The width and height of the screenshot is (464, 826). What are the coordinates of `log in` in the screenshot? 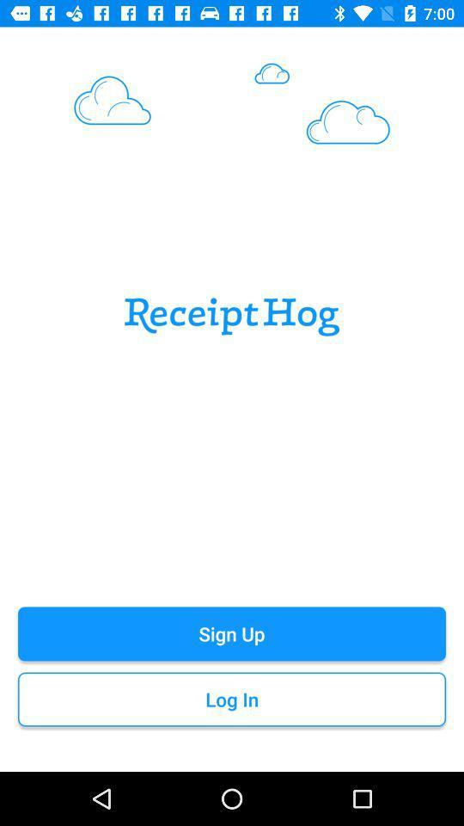 It's located at (232, 700).